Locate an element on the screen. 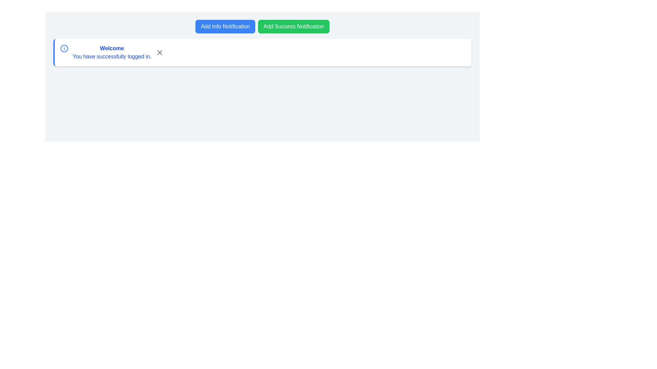 This screenshot has width=657, height=369. the circular informational icon with the letter 'i', styled in blue, located to the left of the 'Welcome' text on a white background is located at coordinates (64, 48).